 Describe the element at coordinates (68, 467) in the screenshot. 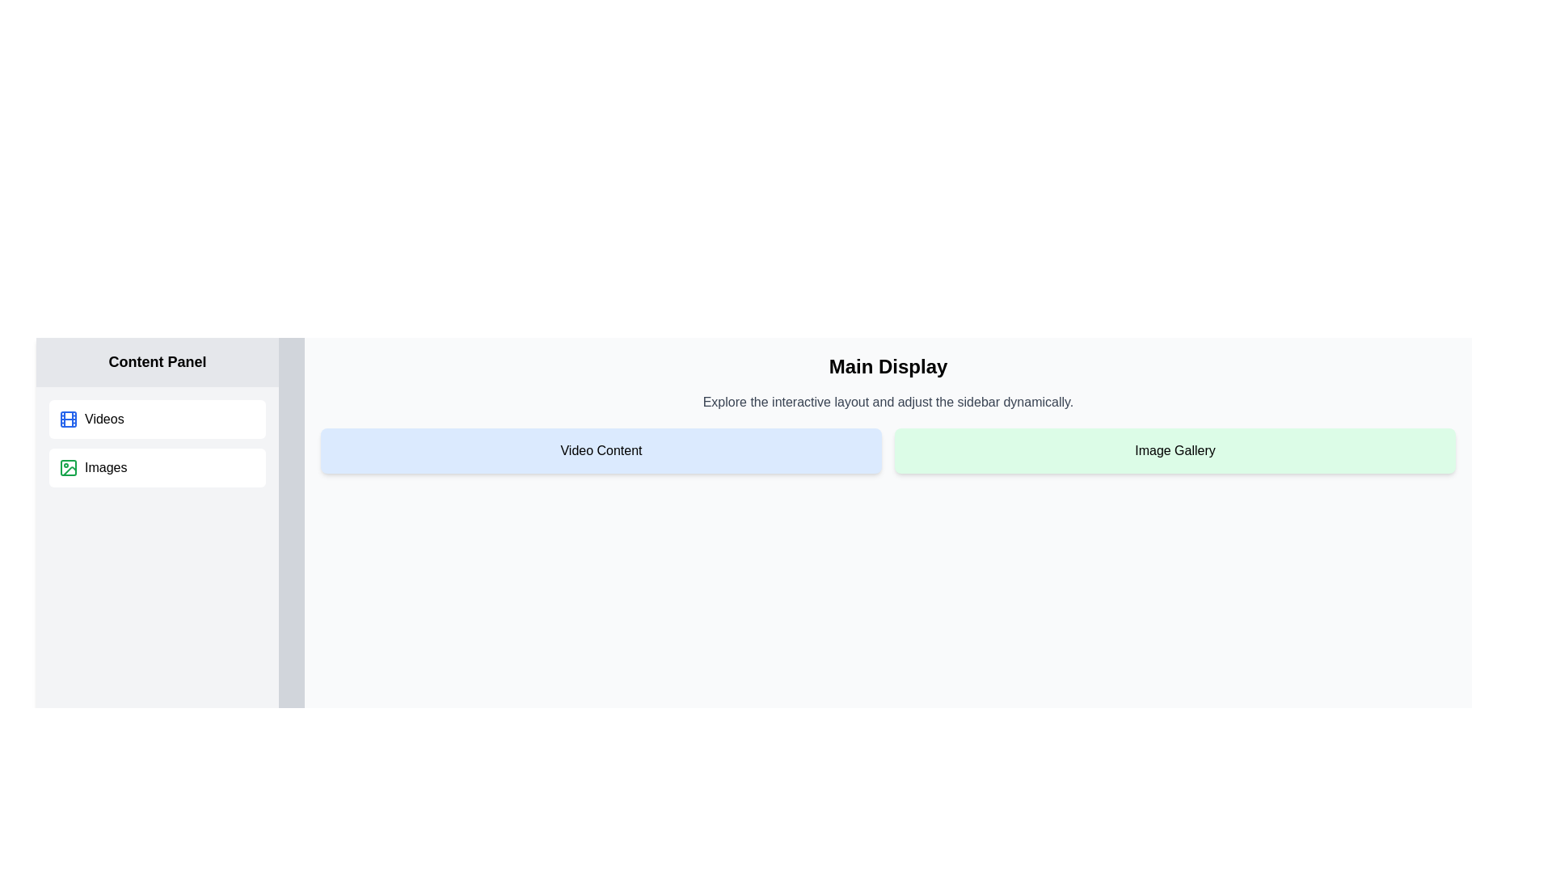

I see `the small rectangle with rounded corners that represents the 'Images' button` at that location.